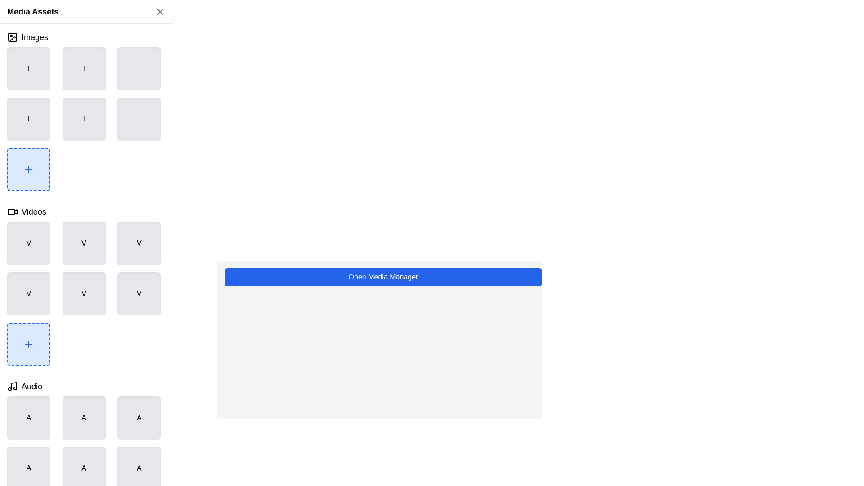  I want to click on the Icon Button, so click(28, 344).